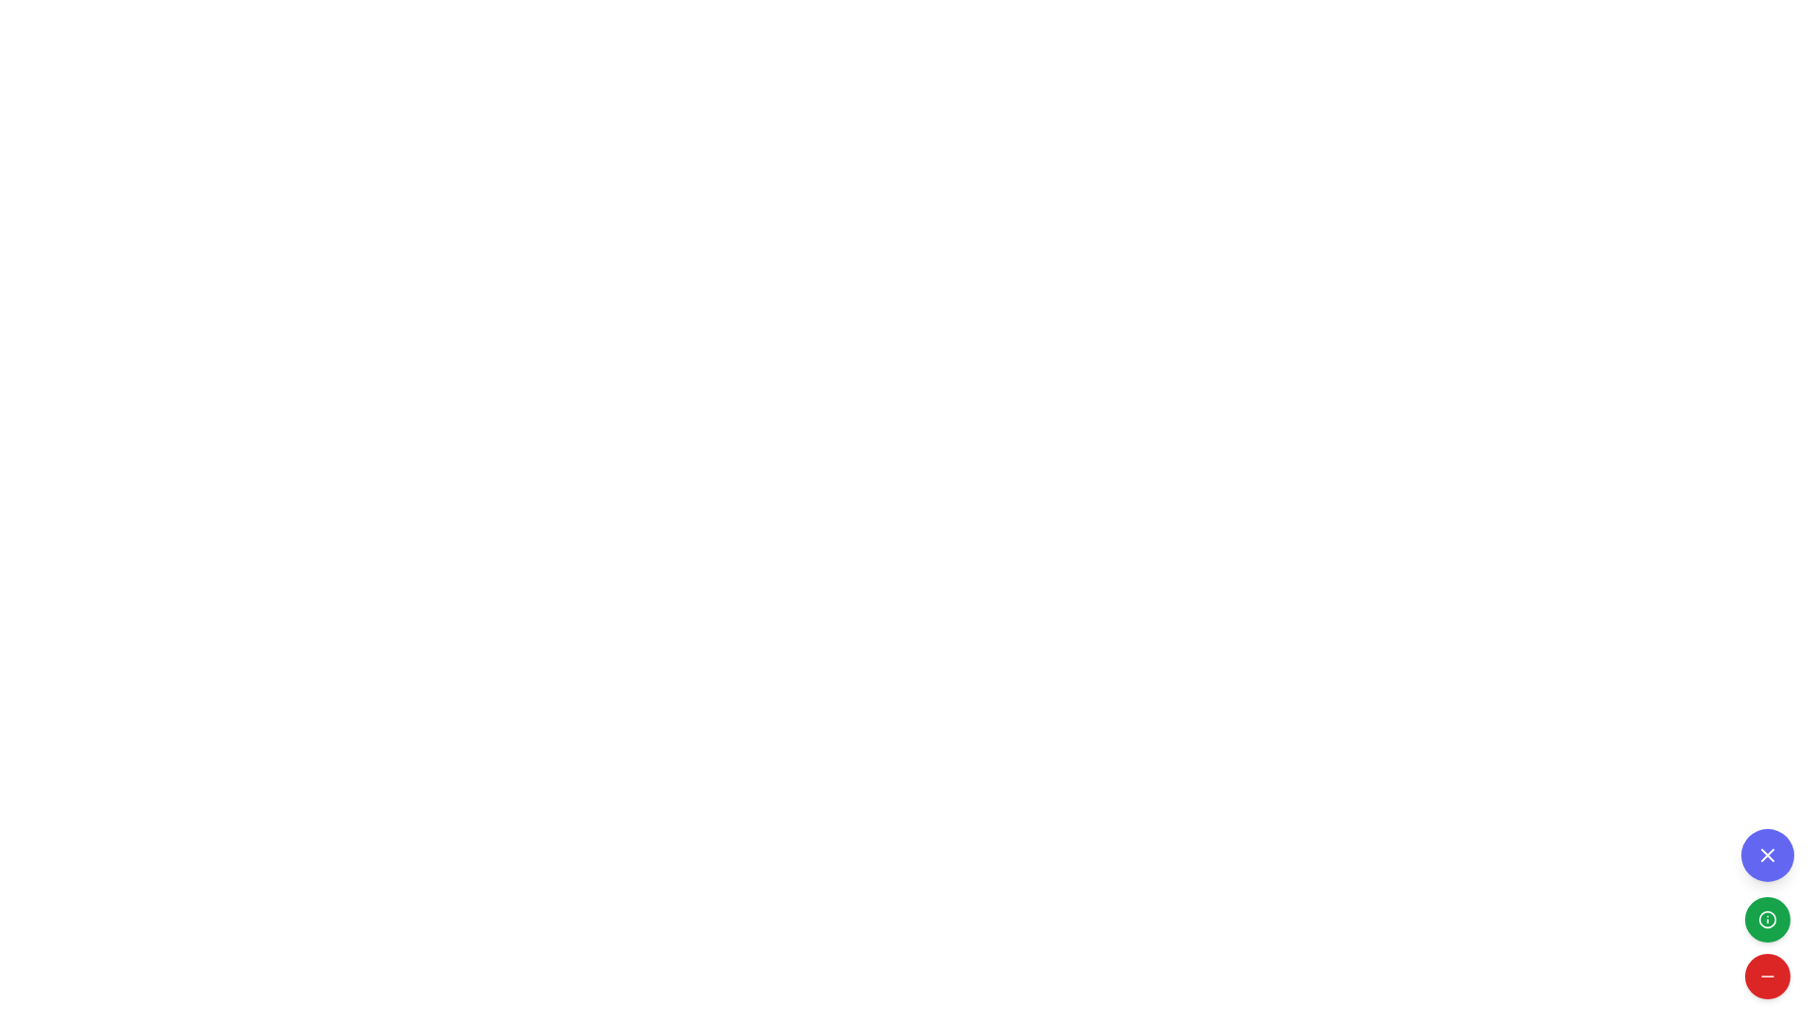 This screenshot has width=1817, height=1022. Describe the element at coordinates (1766, 855) in the screenshot. I see `the close or delete icon located within the circular blue button at the top of the vertical stack of buttons` at that location.